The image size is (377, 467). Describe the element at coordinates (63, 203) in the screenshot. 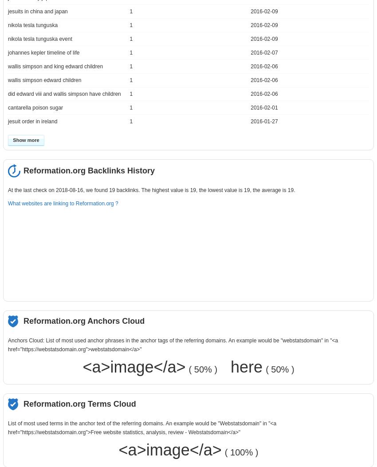

I see `'What websites
                    are linking to Reformation.org                    ?'` at that location.